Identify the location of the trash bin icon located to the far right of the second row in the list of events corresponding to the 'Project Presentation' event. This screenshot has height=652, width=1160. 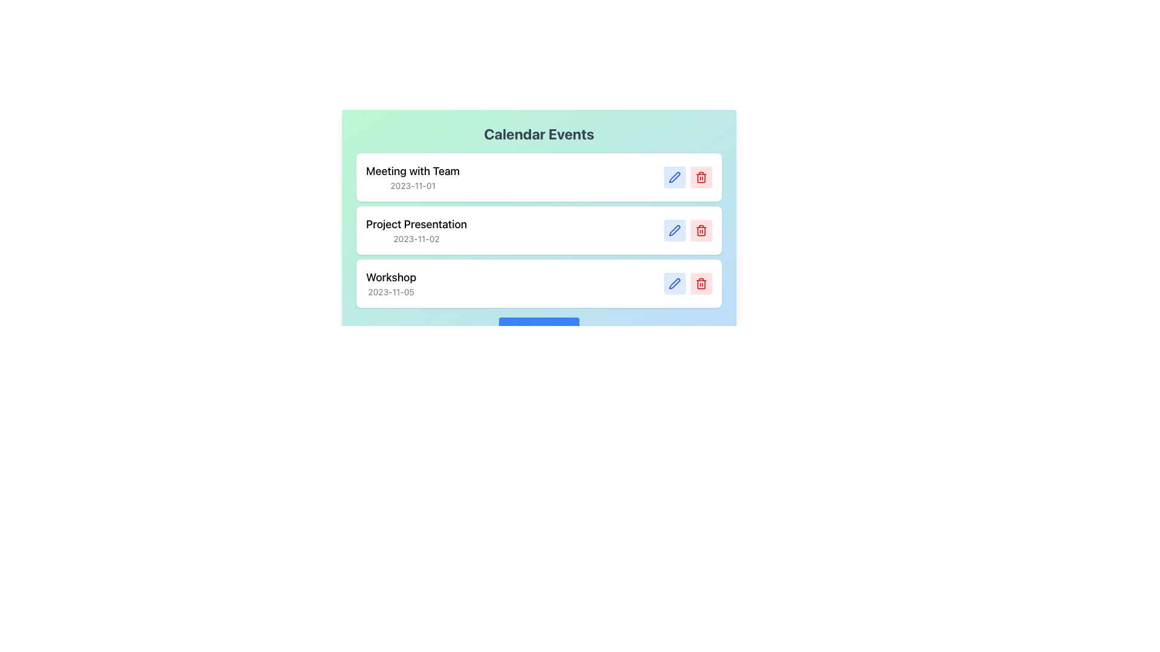
(701, 231).